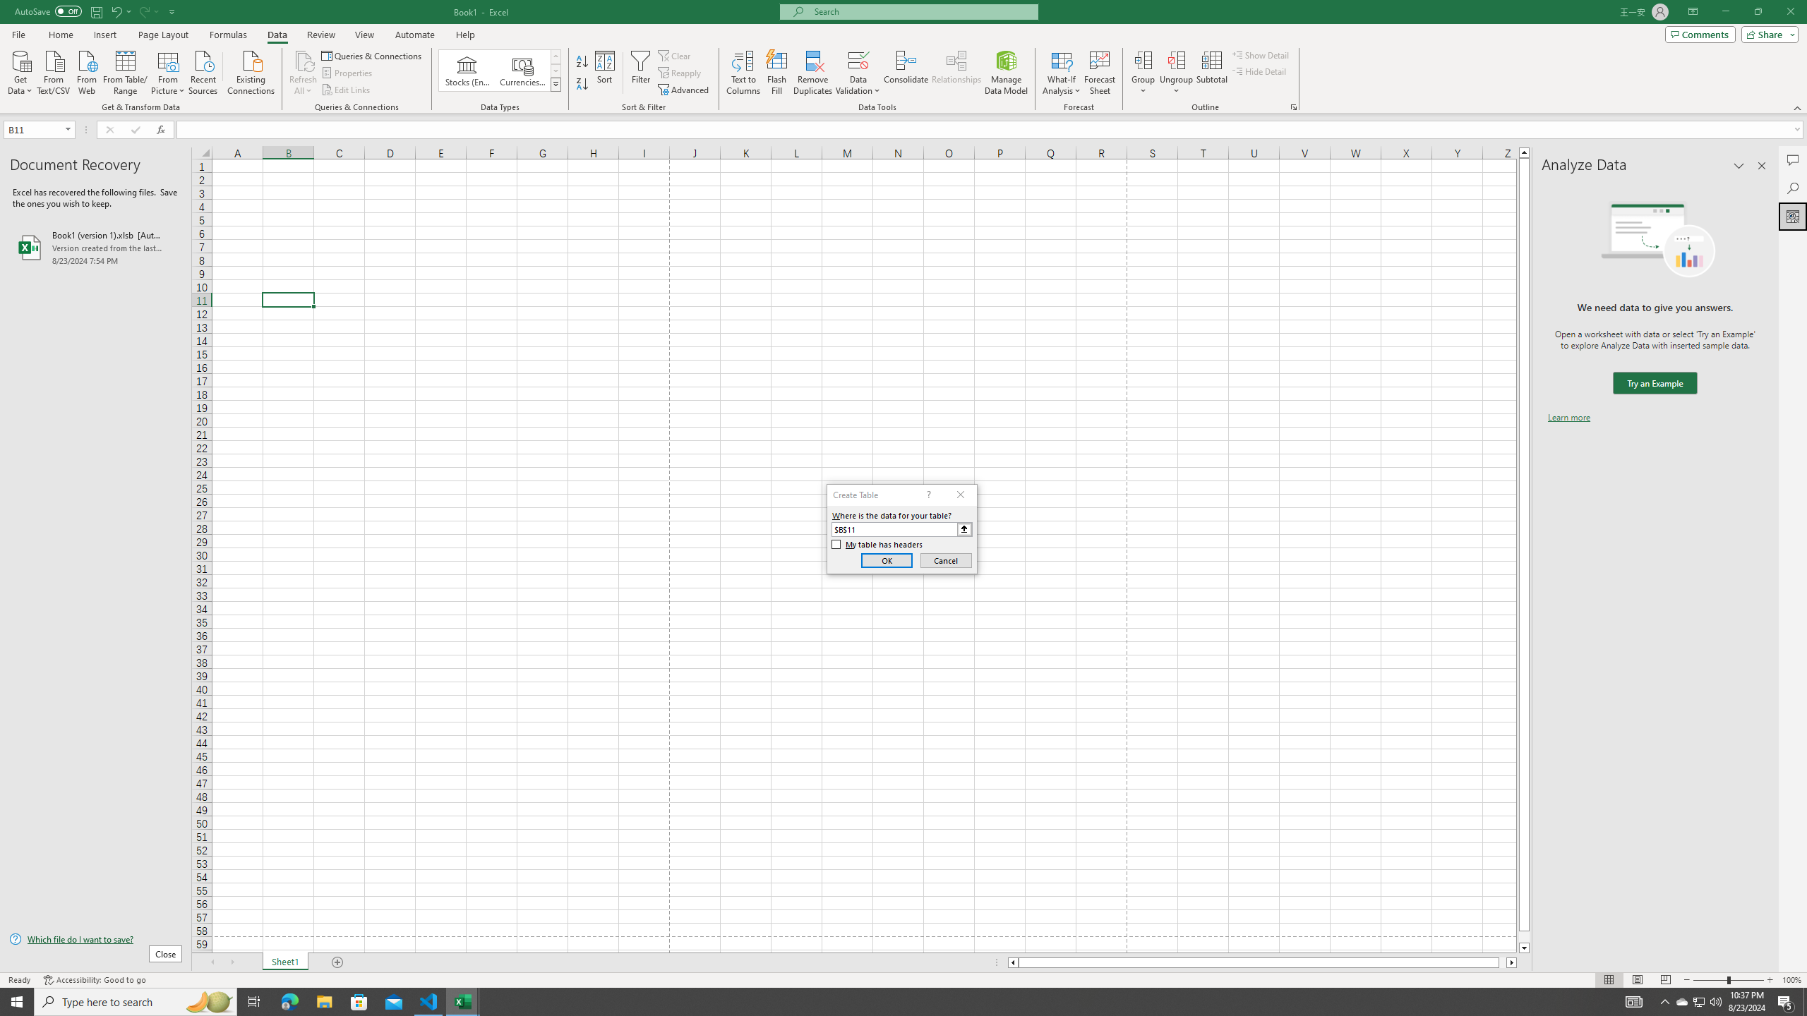 This screenshot has width=1807, height=1016. Describe the element at coordinates (1176, 73) in the screenshot. I see `'Ungroup...'` at that location.